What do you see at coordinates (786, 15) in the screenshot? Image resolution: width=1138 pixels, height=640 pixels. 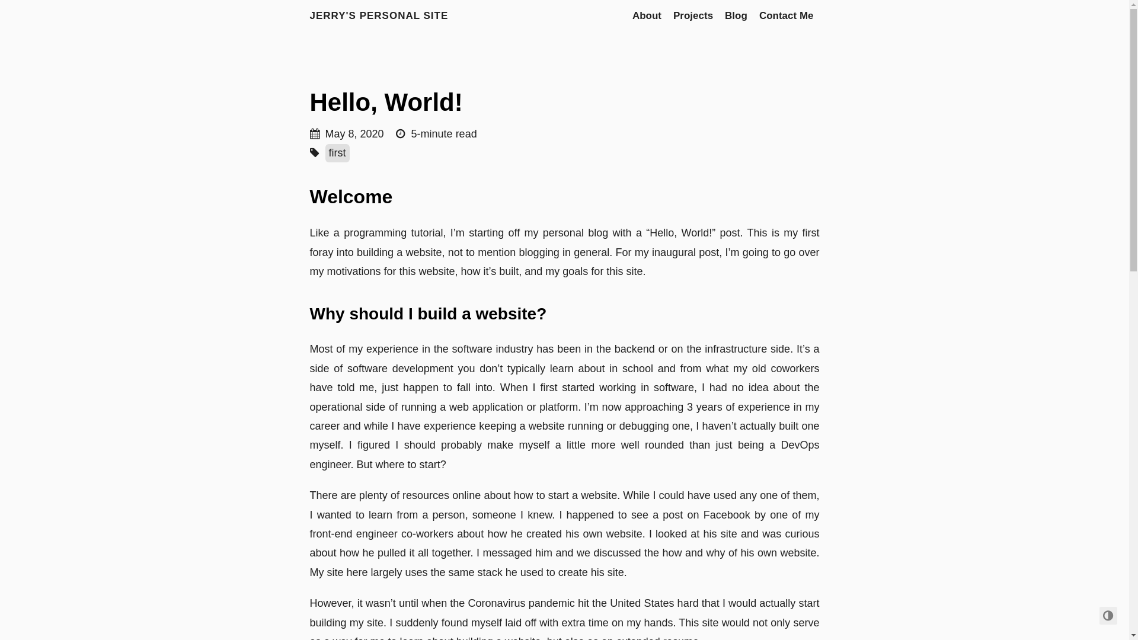 I see `'Contact Me'` at bounding box center [786, 15].